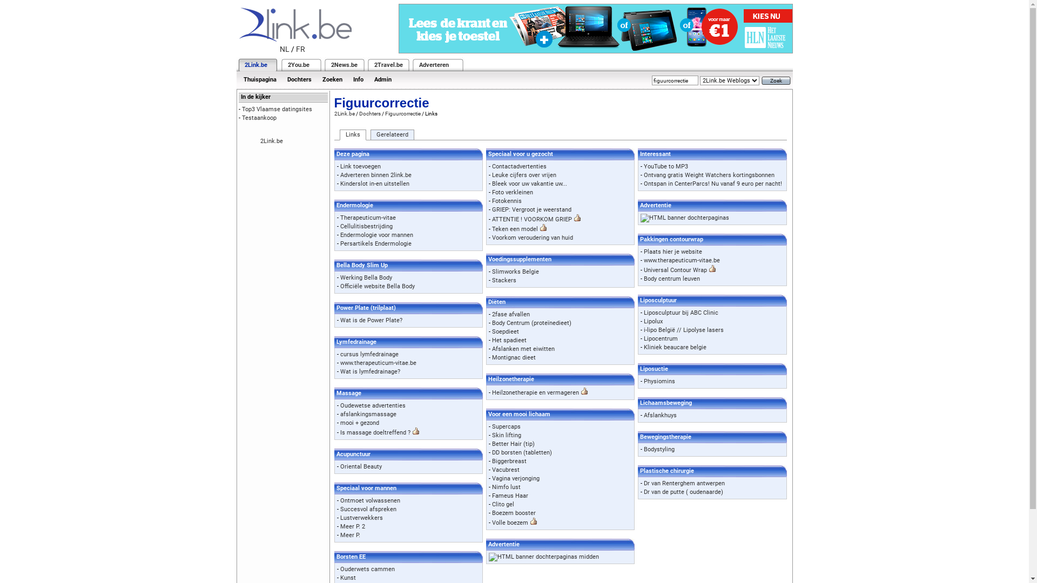  What do you see at coordinates (508, 461) in the screenshot?
I see `'Biggerbreast'` at bounding box center [508, 461].